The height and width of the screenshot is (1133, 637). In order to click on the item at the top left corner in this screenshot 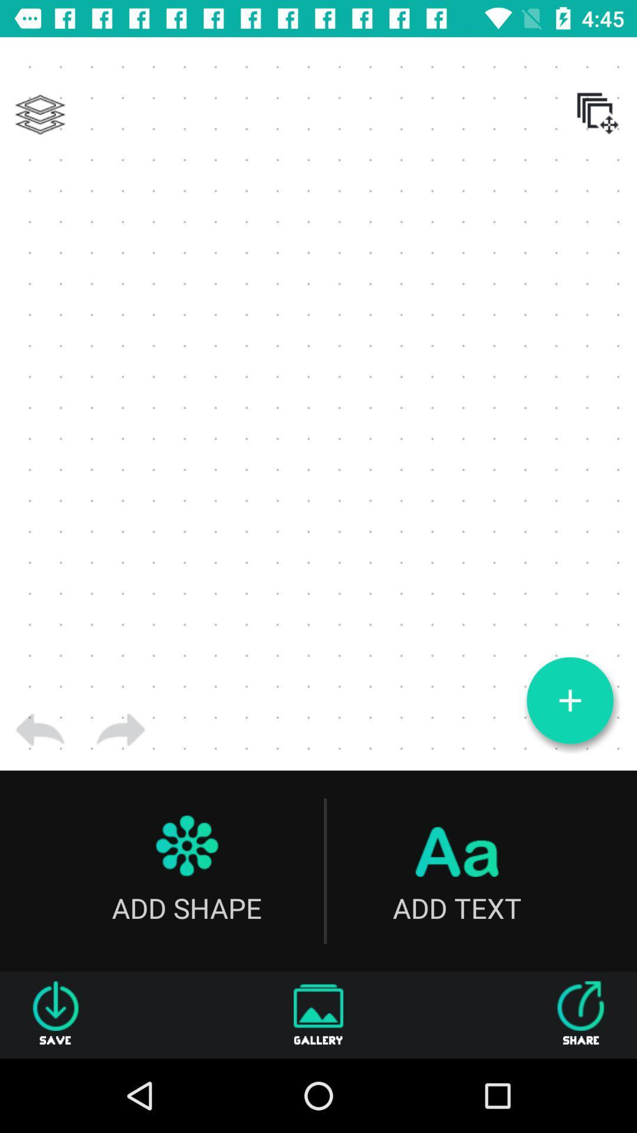, I will do `click(40, 114)`.